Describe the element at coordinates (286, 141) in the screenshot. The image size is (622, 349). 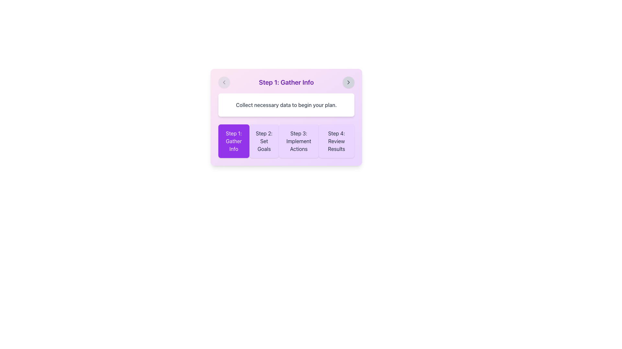
I see `the button labeled 'Step 3: Implement Actions' with a purple background` at that location.